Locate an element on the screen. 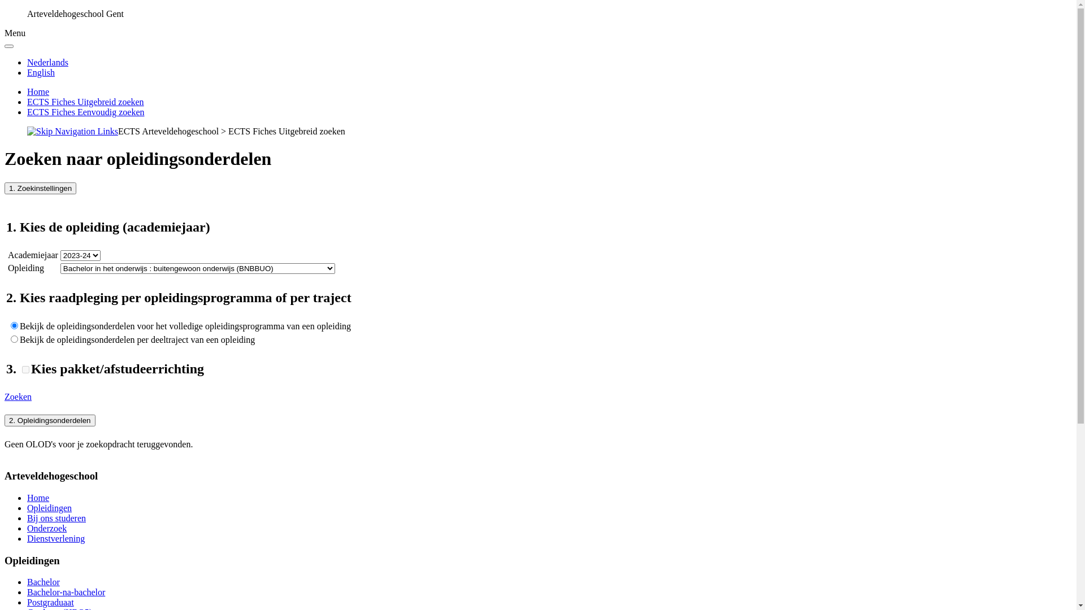  'Dienstverlening' is located at coordinates (55, 538).